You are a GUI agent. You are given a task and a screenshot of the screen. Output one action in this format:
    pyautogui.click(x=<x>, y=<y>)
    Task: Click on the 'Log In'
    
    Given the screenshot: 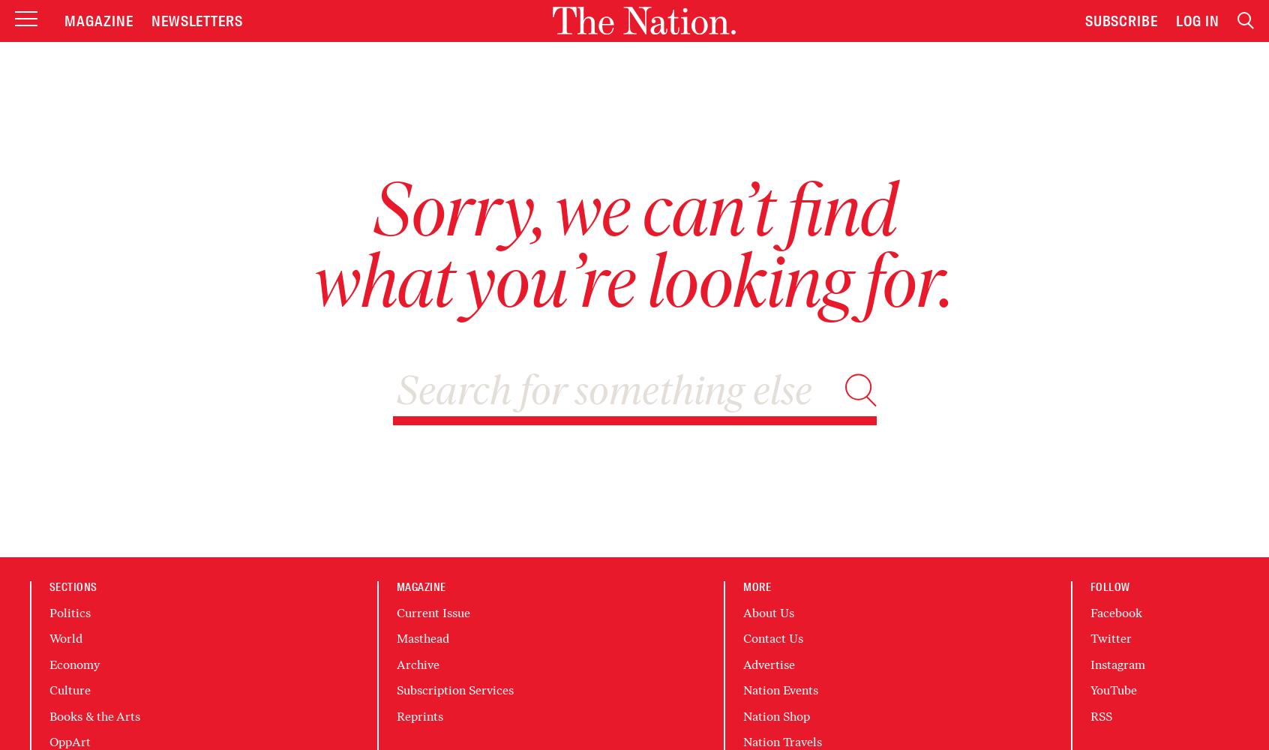 What is the action you would take?
    pyautogui.click(x=1197, y=20)
    